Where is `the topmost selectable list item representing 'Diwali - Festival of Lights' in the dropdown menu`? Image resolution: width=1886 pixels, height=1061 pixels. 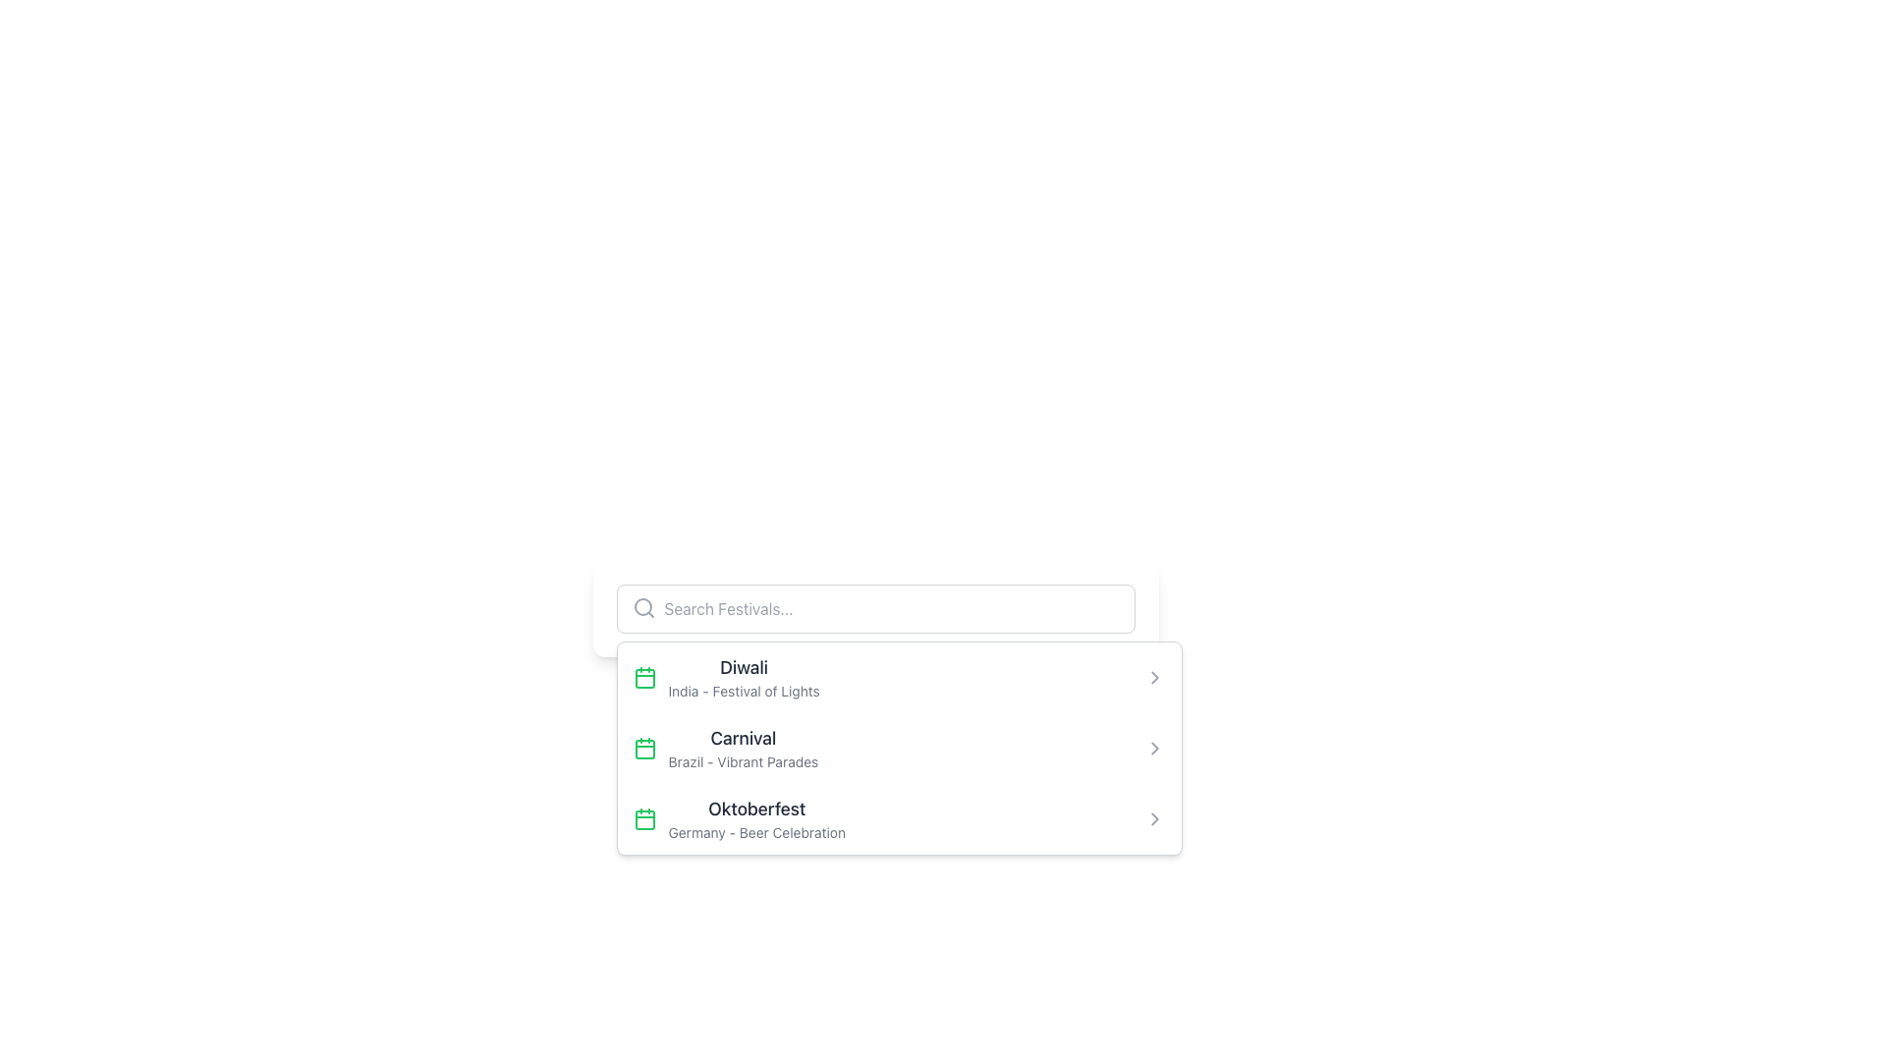 the topmost selectable list item representing 'Diwali - Festival of Lights' in the dropdown menu is located at coordinates (725, 677).